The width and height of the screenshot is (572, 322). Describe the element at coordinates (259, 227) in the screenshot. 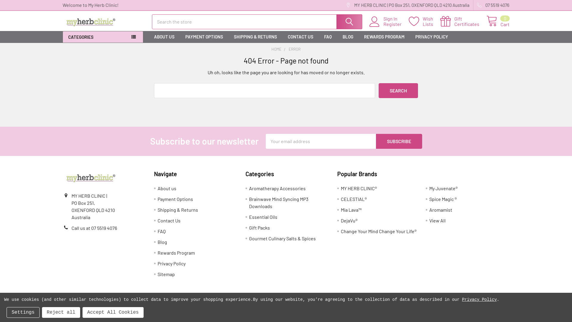

I see `'Gift Packs'` at that location.